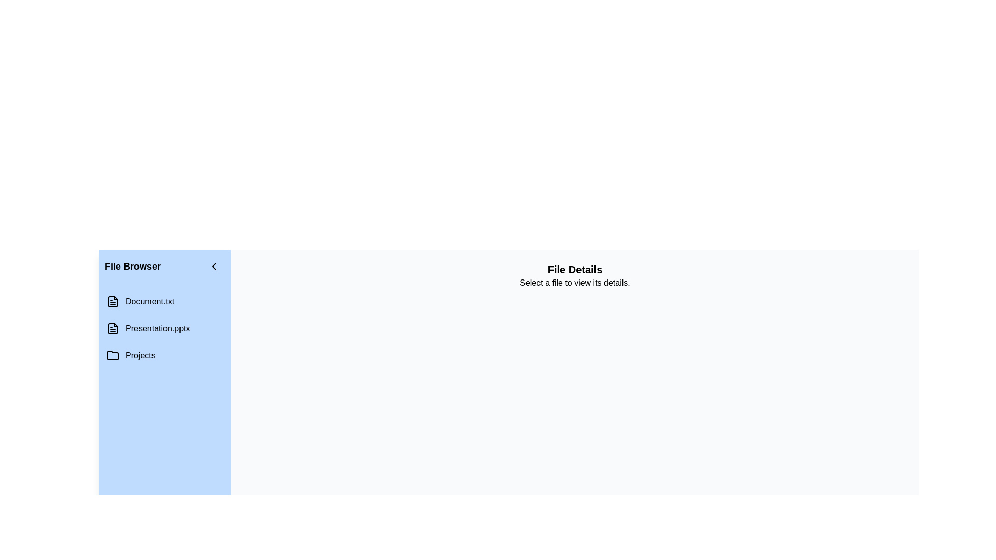 The image size is (996, 560). Describe the element at coordinates (213, 265) in the screenshot. I see `the left-pointing chevron icon next to the 'File Browser' text` at that location.